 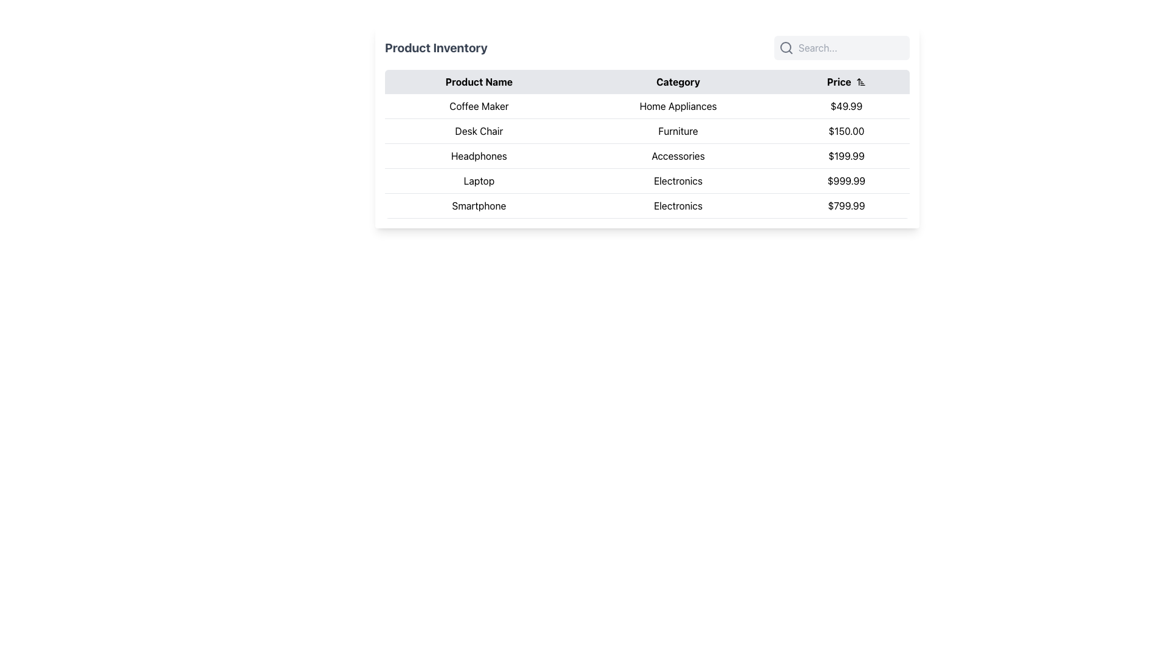 I want to click on the text label in the 'Product Name' column of the 'Product Inventory' table, located to the immediate left of 'Home Appliances' and above 'Desk Chair', so click(x=478, y=106).